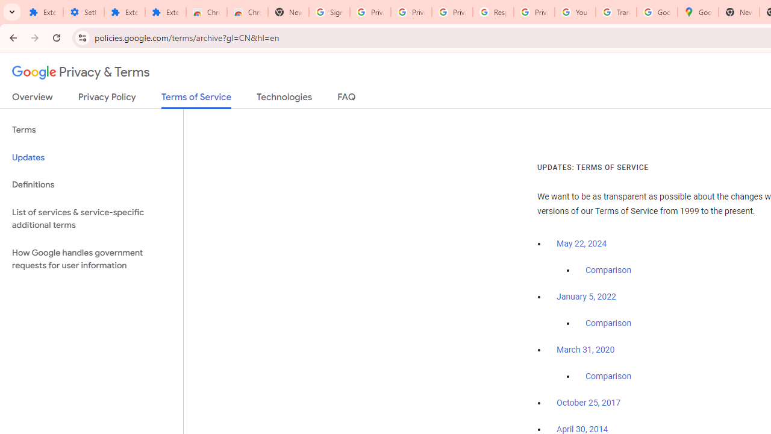 The height and width of the screenshot is (434, 771). I want to click on 'Privacy & Terms', so click(81, 72).